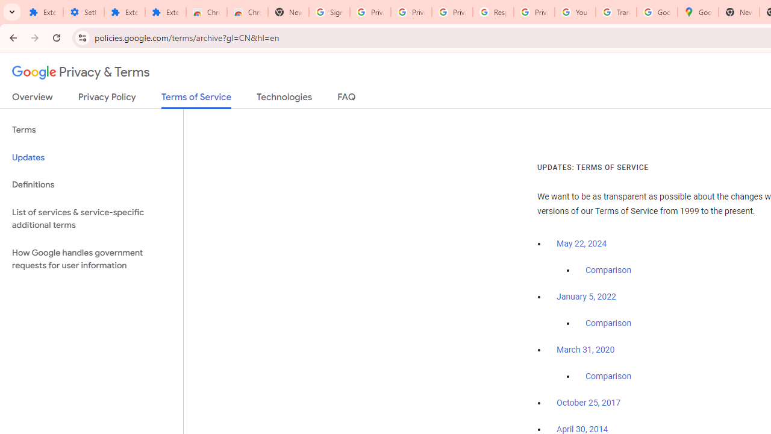 The height and width of the screenshot is (434, 771). I want to click on 'Privacy & Terms', so click(81, 72).